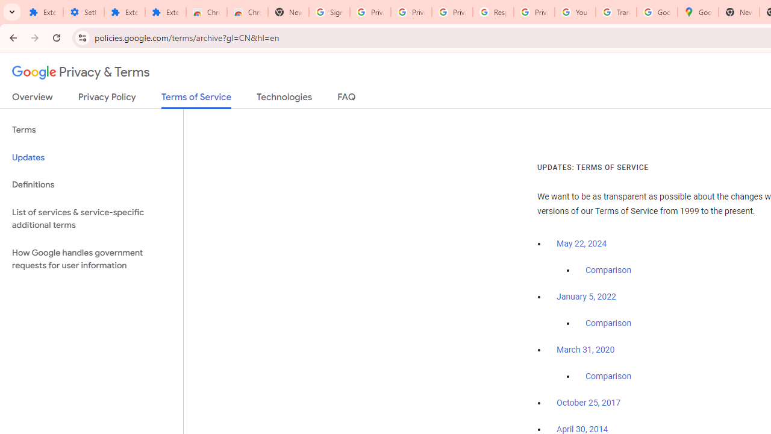 The height and width of the screenshot is (434, 771). I want to click on 'Privacy & Terms', so click(81, 72).